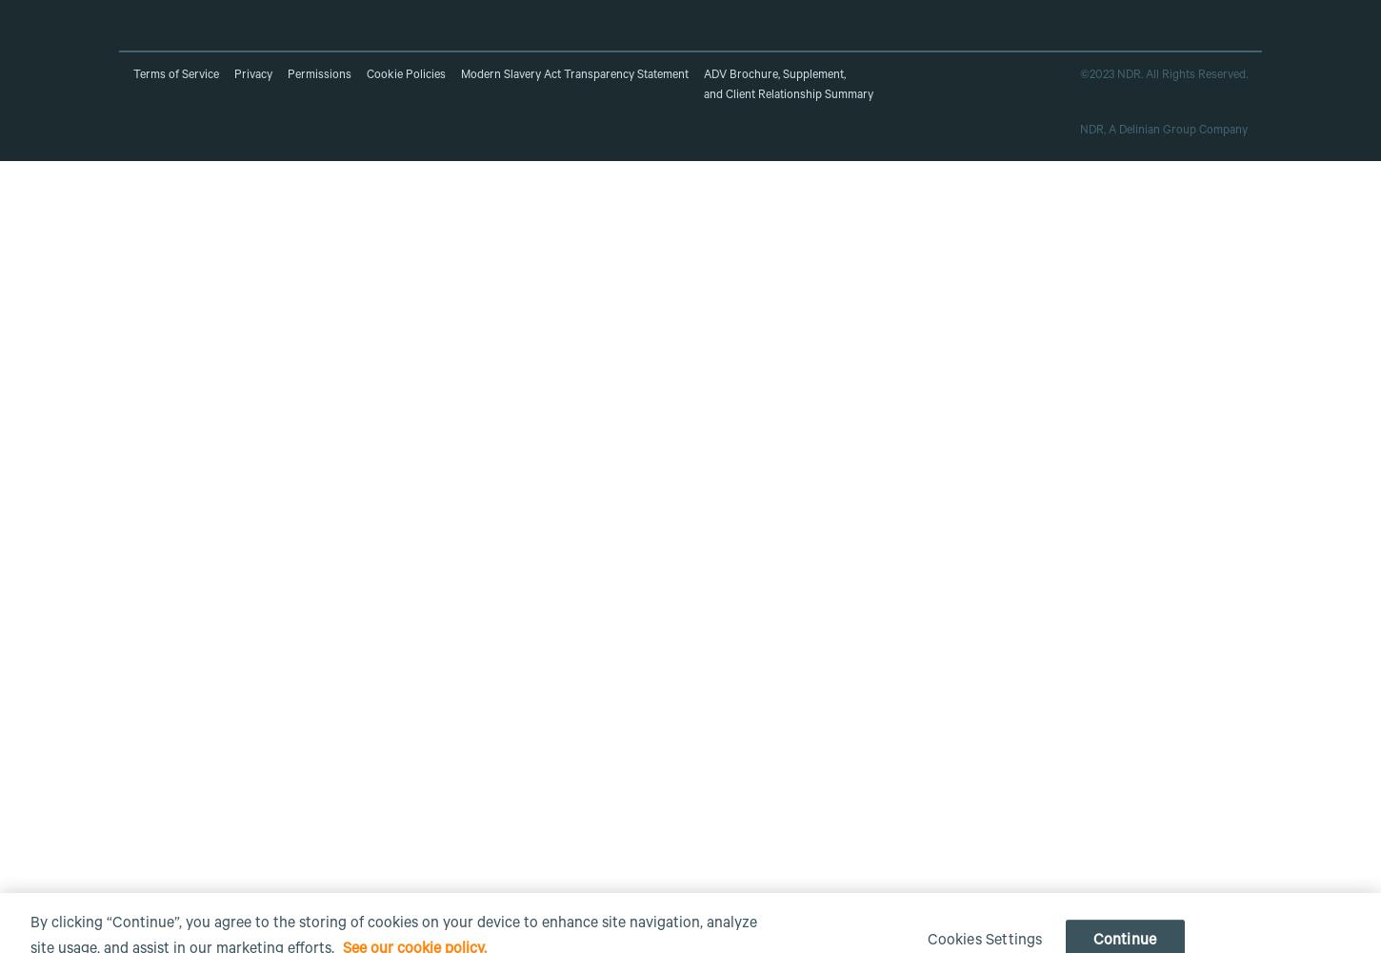 The width and height of the screenshot is (1381, 953). I want to click on 'Cookie Policies', so click(405, 74).